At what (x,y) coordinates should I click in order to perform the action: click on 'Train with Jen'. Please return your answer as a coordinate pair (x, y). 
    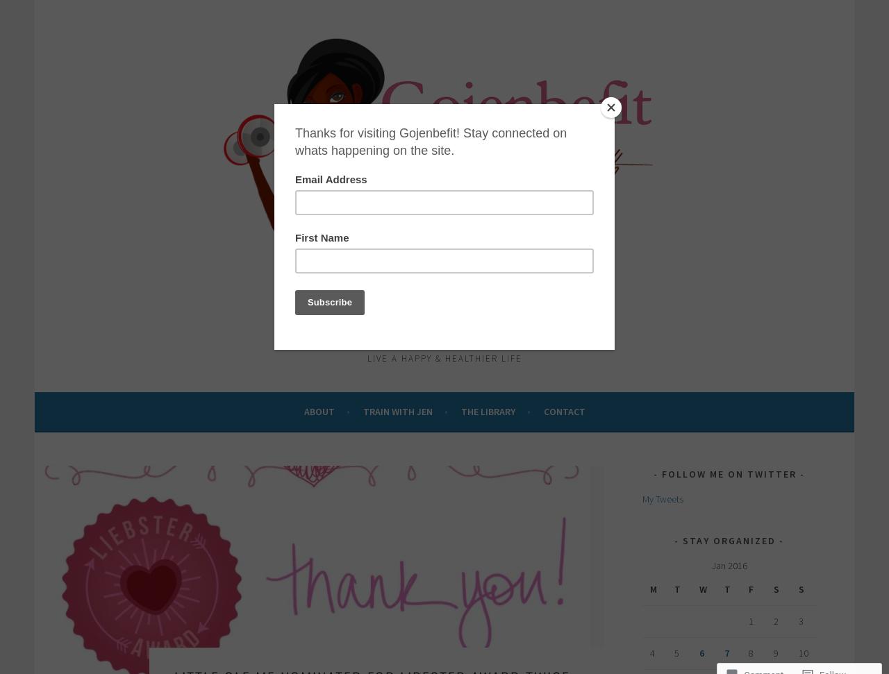
    Looking at the image, I should click on (397, 411).